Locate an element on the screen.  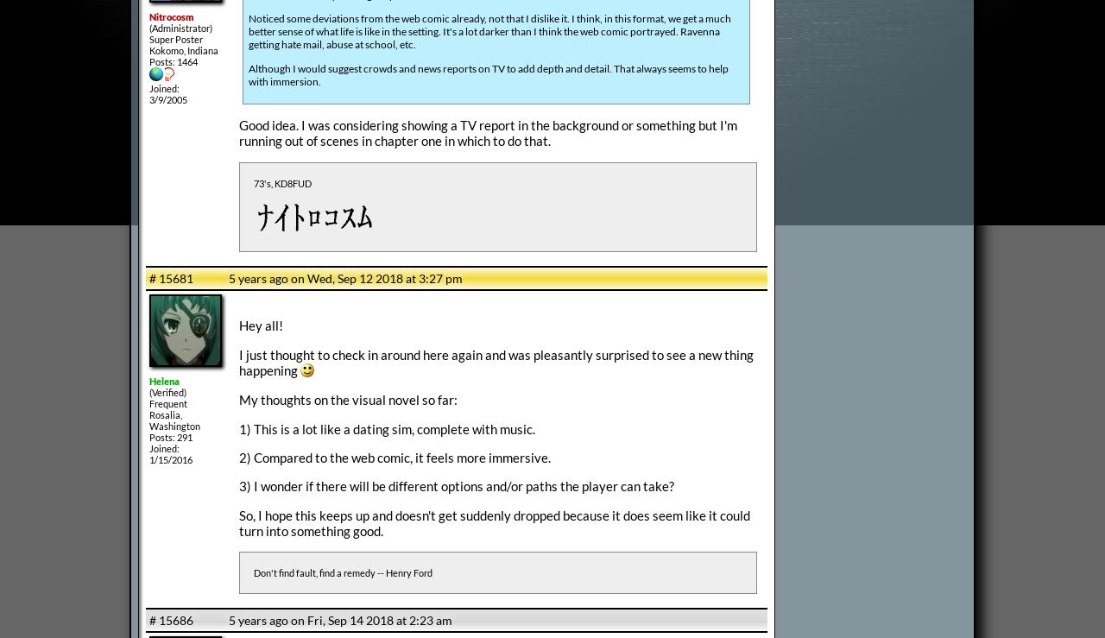
'My thoughts on the visual novel so far:' is located at coordinates (237, 399).